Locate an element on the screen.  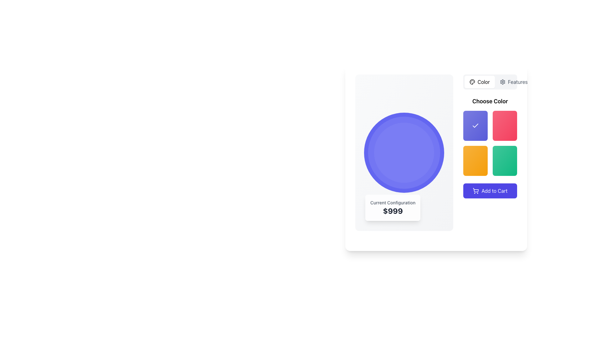
text content of the title label located on the white rounded configuration card at the bottom-left area of the main interface, positioned above the '$999' text element is located at coordinates (393, 203).